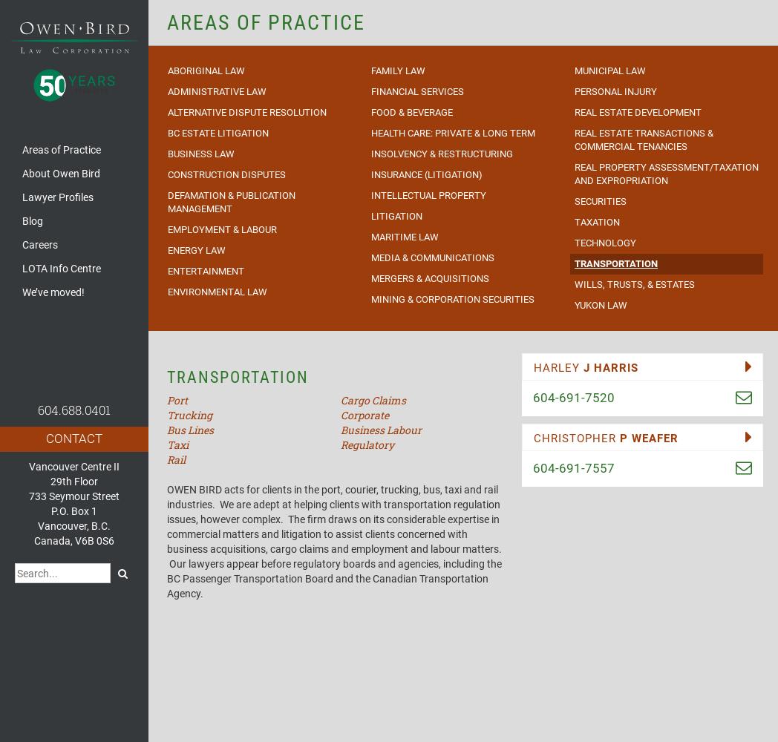  What do you see at coordinates (615, 367) in the screenshot?
I see `'Harris'` at bounding box center [615, 367].